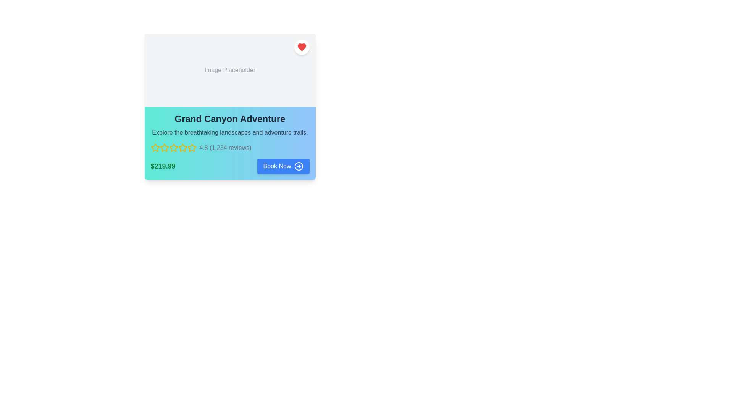 The height and width of the screenshot is (412, 733). What do you see at coordinates (164, 148) in the screenshot?
I see `the yellow star-shaped icon, which is the first in a row of five stars, to rate it for 'Grand Canyon Adventure'` at bounding box center [164, 148].